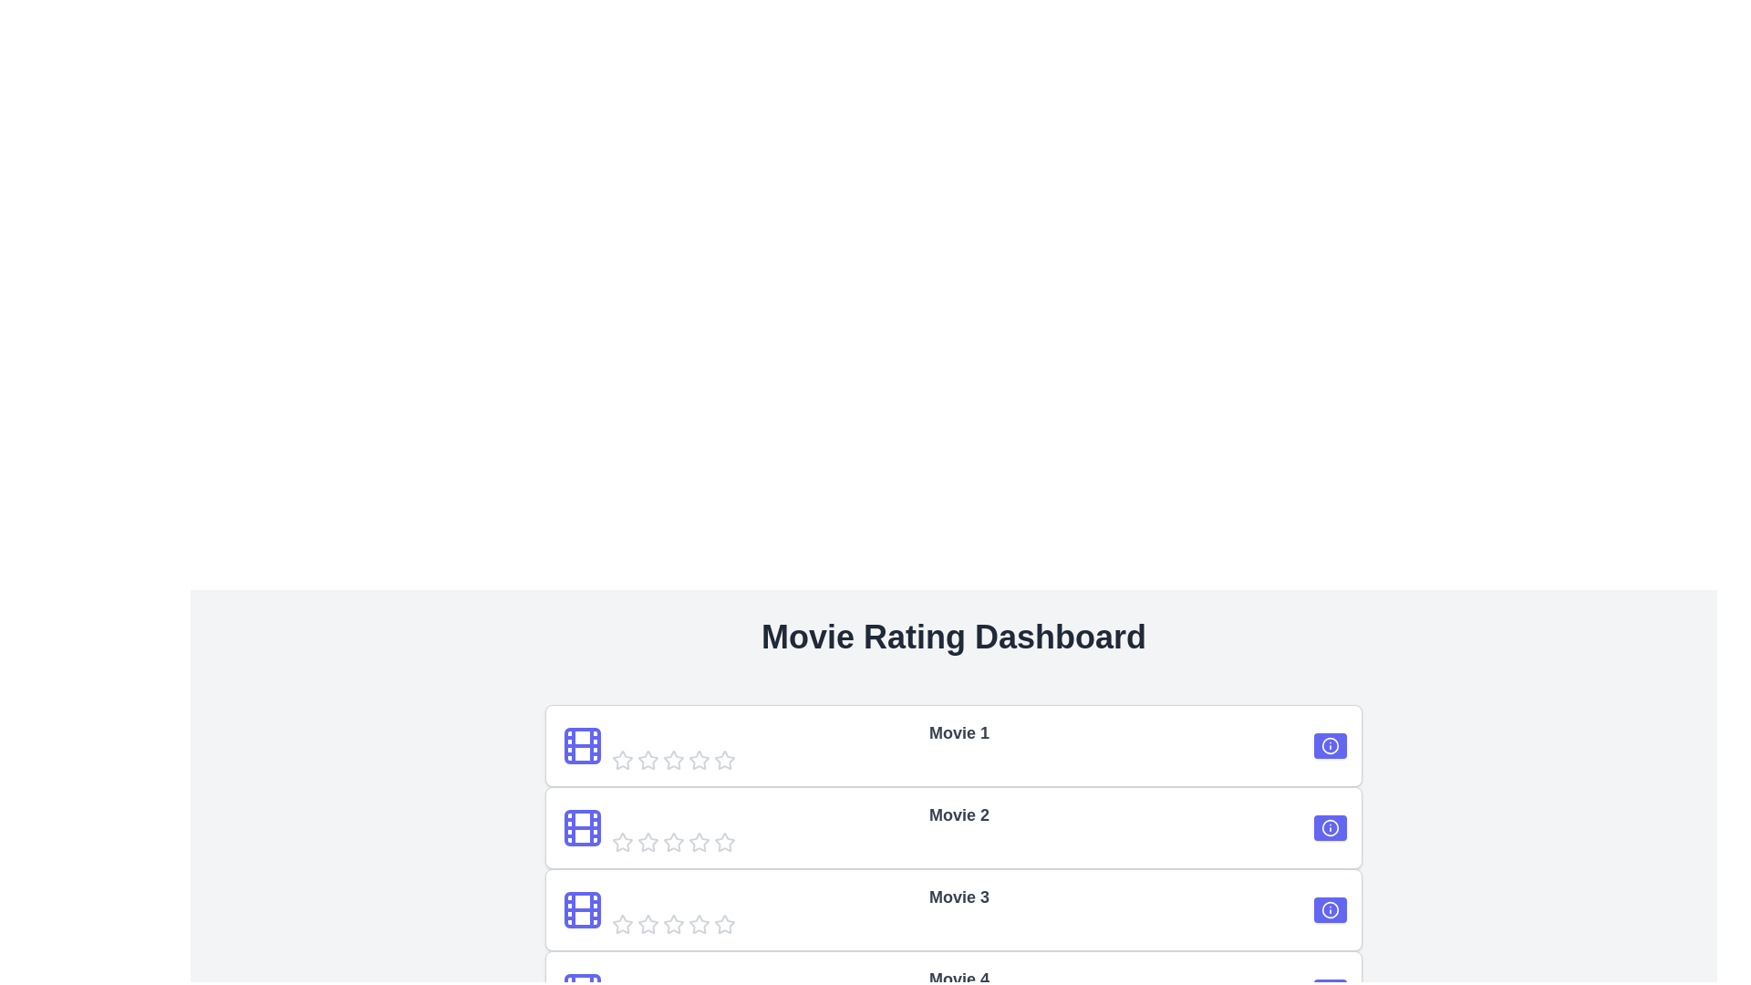  I want to click on the rating of a movie to 2 stars by clicking on the corresponding star, so click(648, 760).